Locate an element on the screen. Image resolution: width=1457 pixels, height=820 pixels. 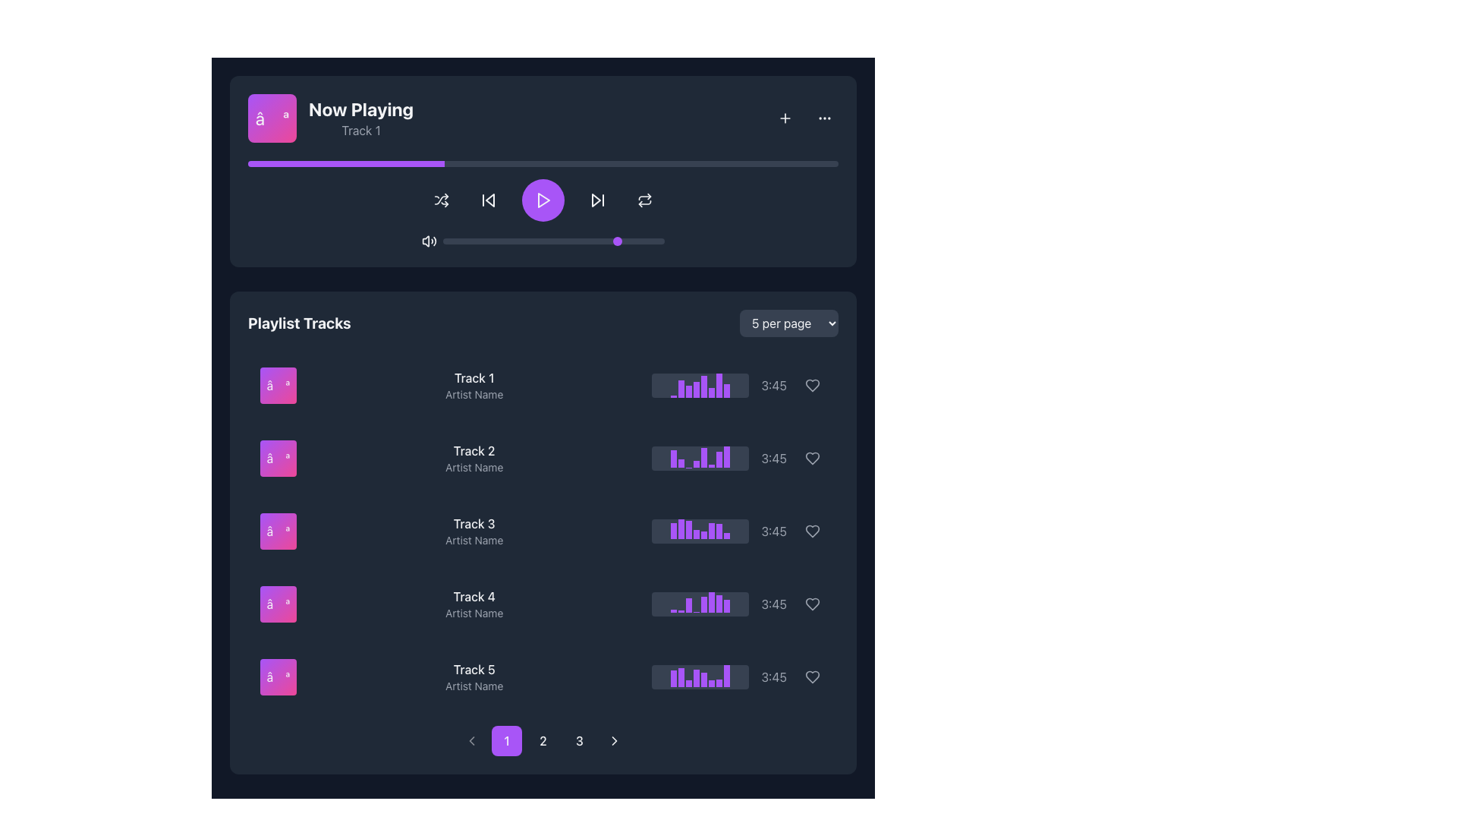
the rightward pointing chevron icon button located at the bottom-right section of the interface is located at coordinates (615, 740).